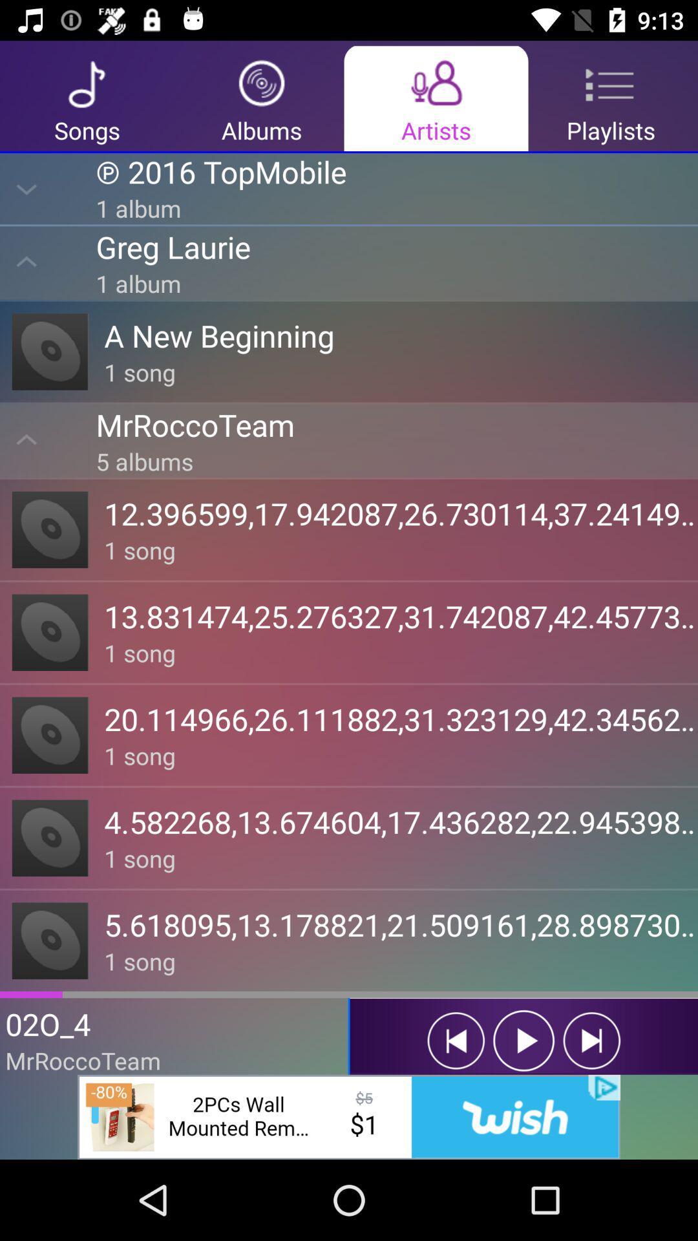 The height and width of the screenshot is (1241, 698). Describe the element at coordinates (523, 1041) in the screenshot. I see `the play icon` at that location.